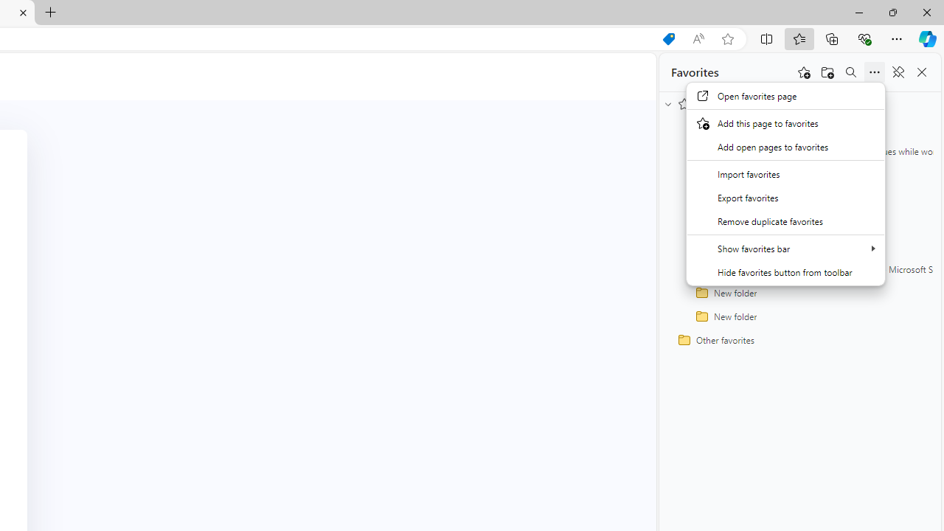 This screenshot has width=944, height=531. Describe the element at coordinates (785, 147) in the screenshot. I see `'Add open pages to favorites'` at that location.